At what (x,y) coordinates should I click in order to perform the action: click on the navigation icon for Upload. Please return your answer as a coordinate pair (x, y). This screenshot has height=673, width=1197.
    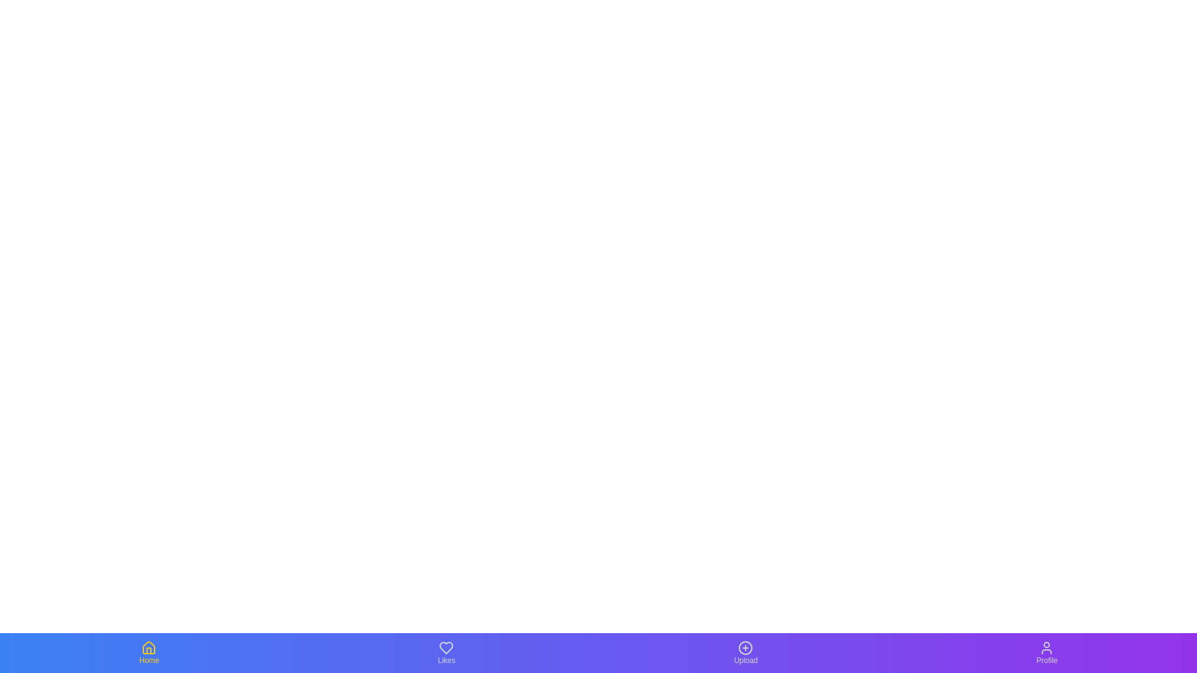
    Looking at the image, I should click on (745, 652).